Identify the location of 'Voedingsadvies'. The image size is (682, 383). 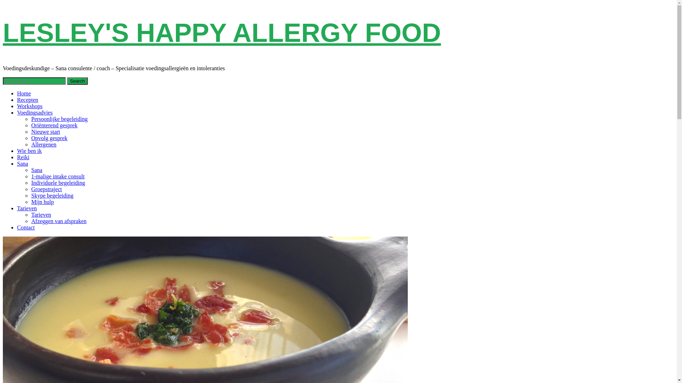
(34, 112).